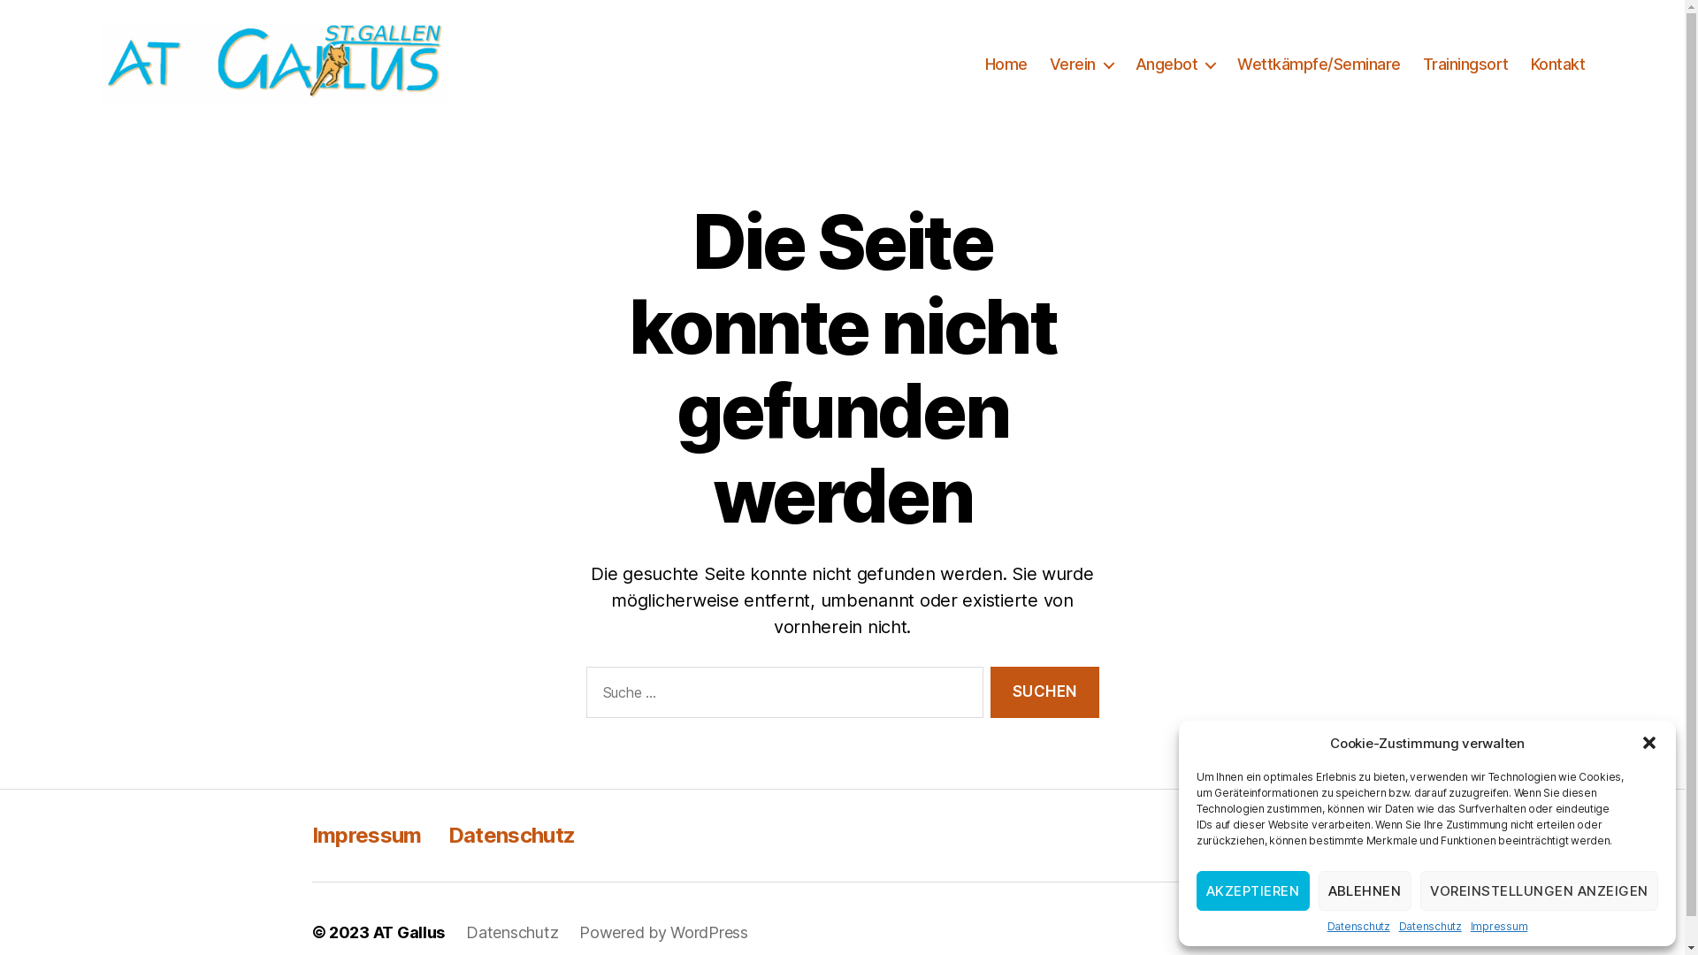  Describe the element at coordinates (1465, 64) in the screenshot. I see `'Trainingsort'` at that location.